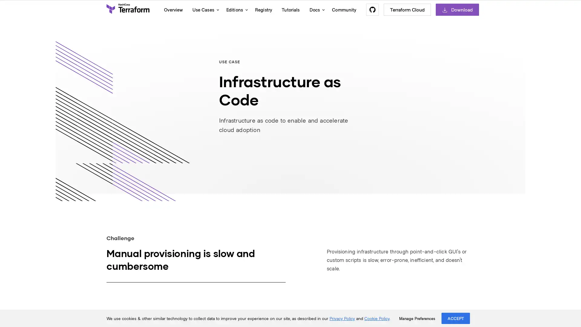 Image resolution: width=581 pixels, height=327 pixels. What do you see at coordinates (456, 318) in the screenshot?
I see `ACCEPT` at bounding box center [456, 318].